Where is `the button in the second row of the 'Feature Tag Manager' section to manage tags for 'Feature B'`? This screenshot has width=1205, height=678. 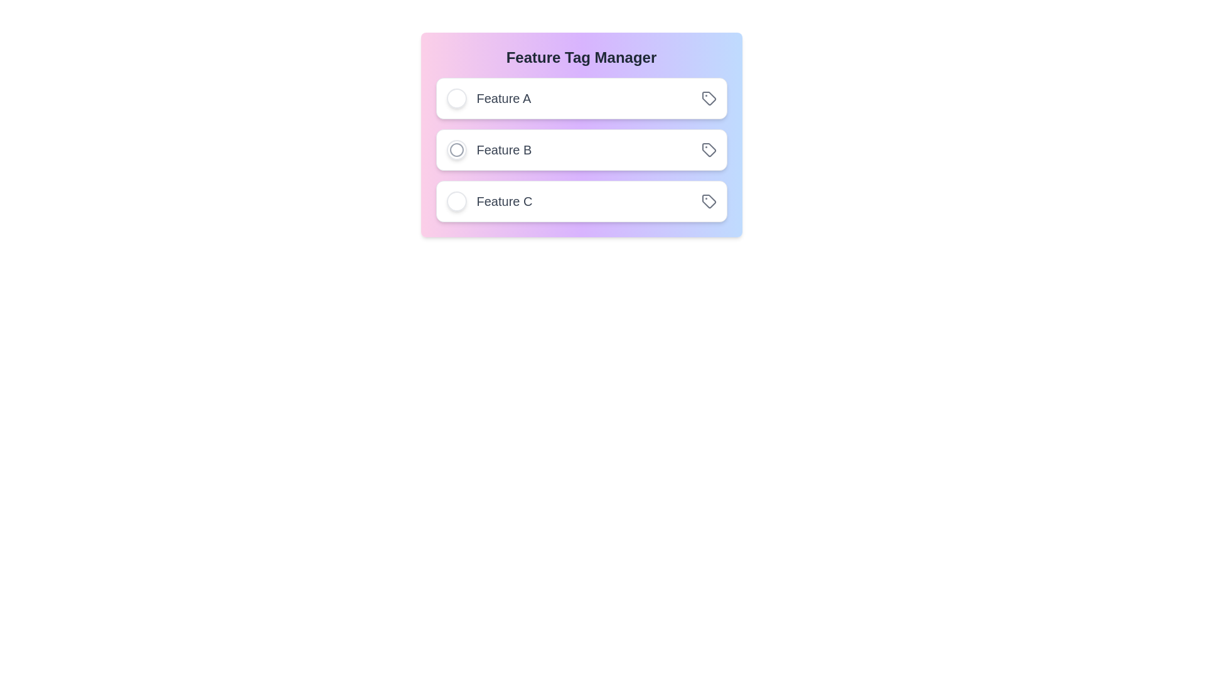 the button in the second row of the 'Feature Tag Manager' section to manage tags for 'Feature B' is located at coordinates (709, 149).